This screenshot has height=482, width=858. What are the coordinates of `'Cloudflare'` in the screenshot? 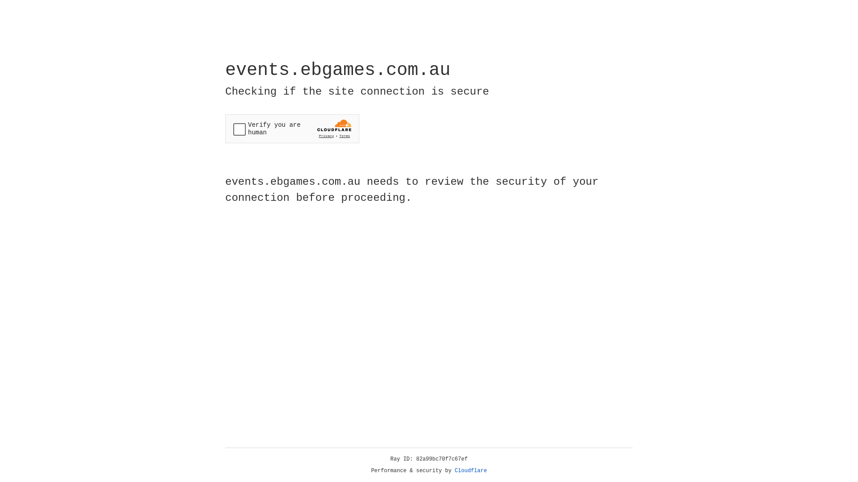 It's located at (471, 470).